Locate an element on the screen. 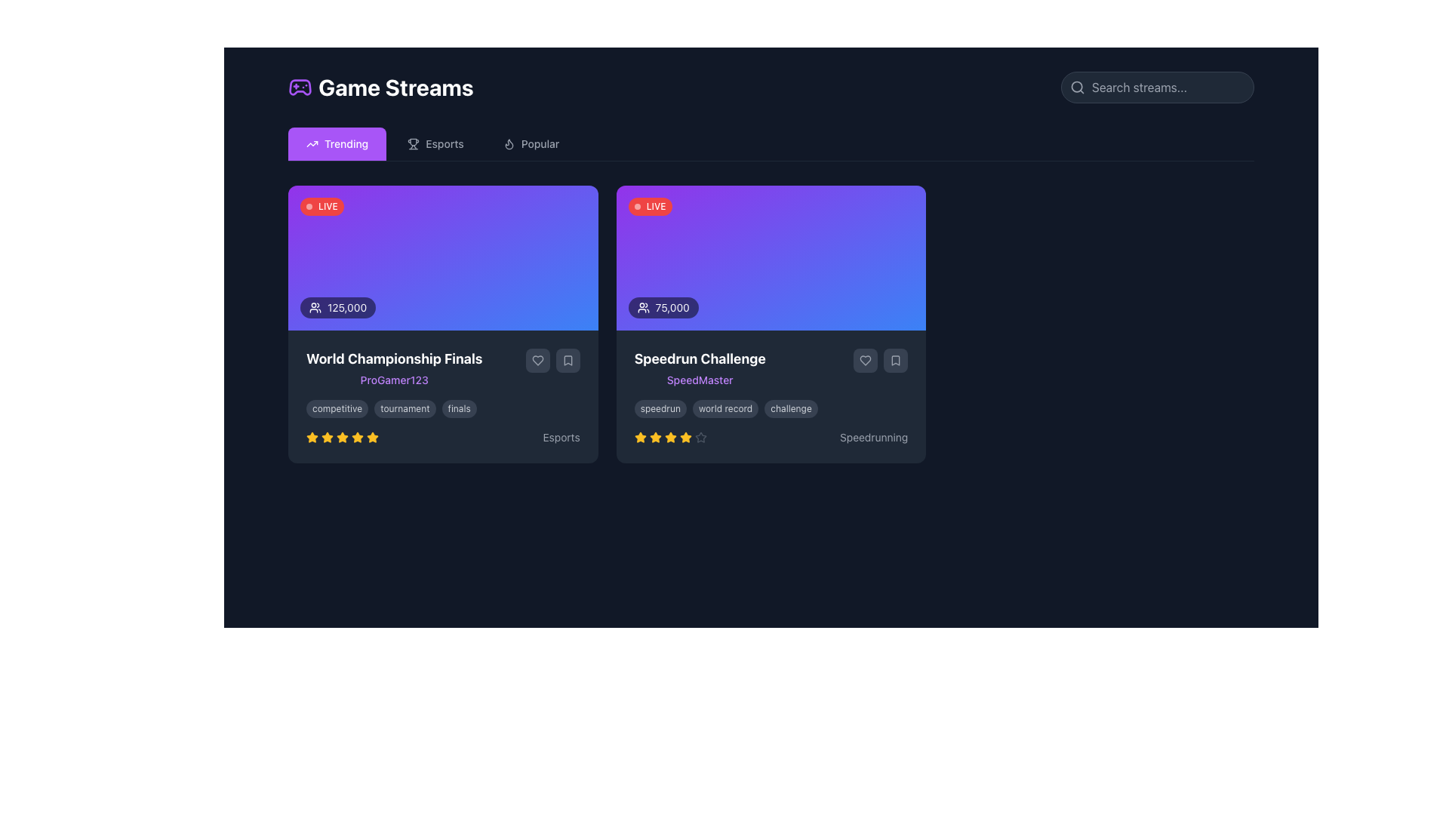  the star icon element located at the lower-left corner of the 'World Championship Finals' content card, which is part of a row of five stars used for ratings is located at coordinates (311, 437).